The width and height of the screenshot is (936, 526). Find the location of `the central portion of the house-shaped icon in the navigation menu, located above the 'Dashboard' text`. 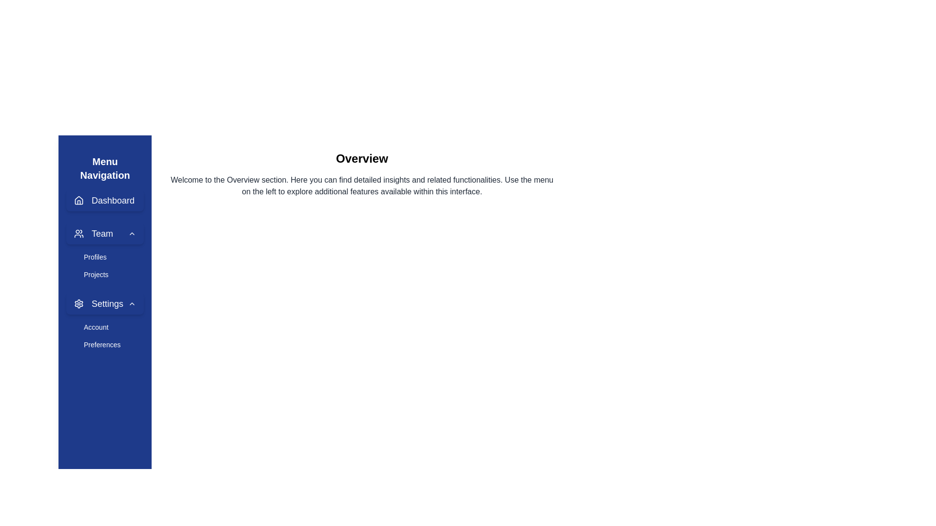

the central portion of the house-shaped icon in the navigation menu, located above the 'Dashboard' text is located at coordinates (79, 200).